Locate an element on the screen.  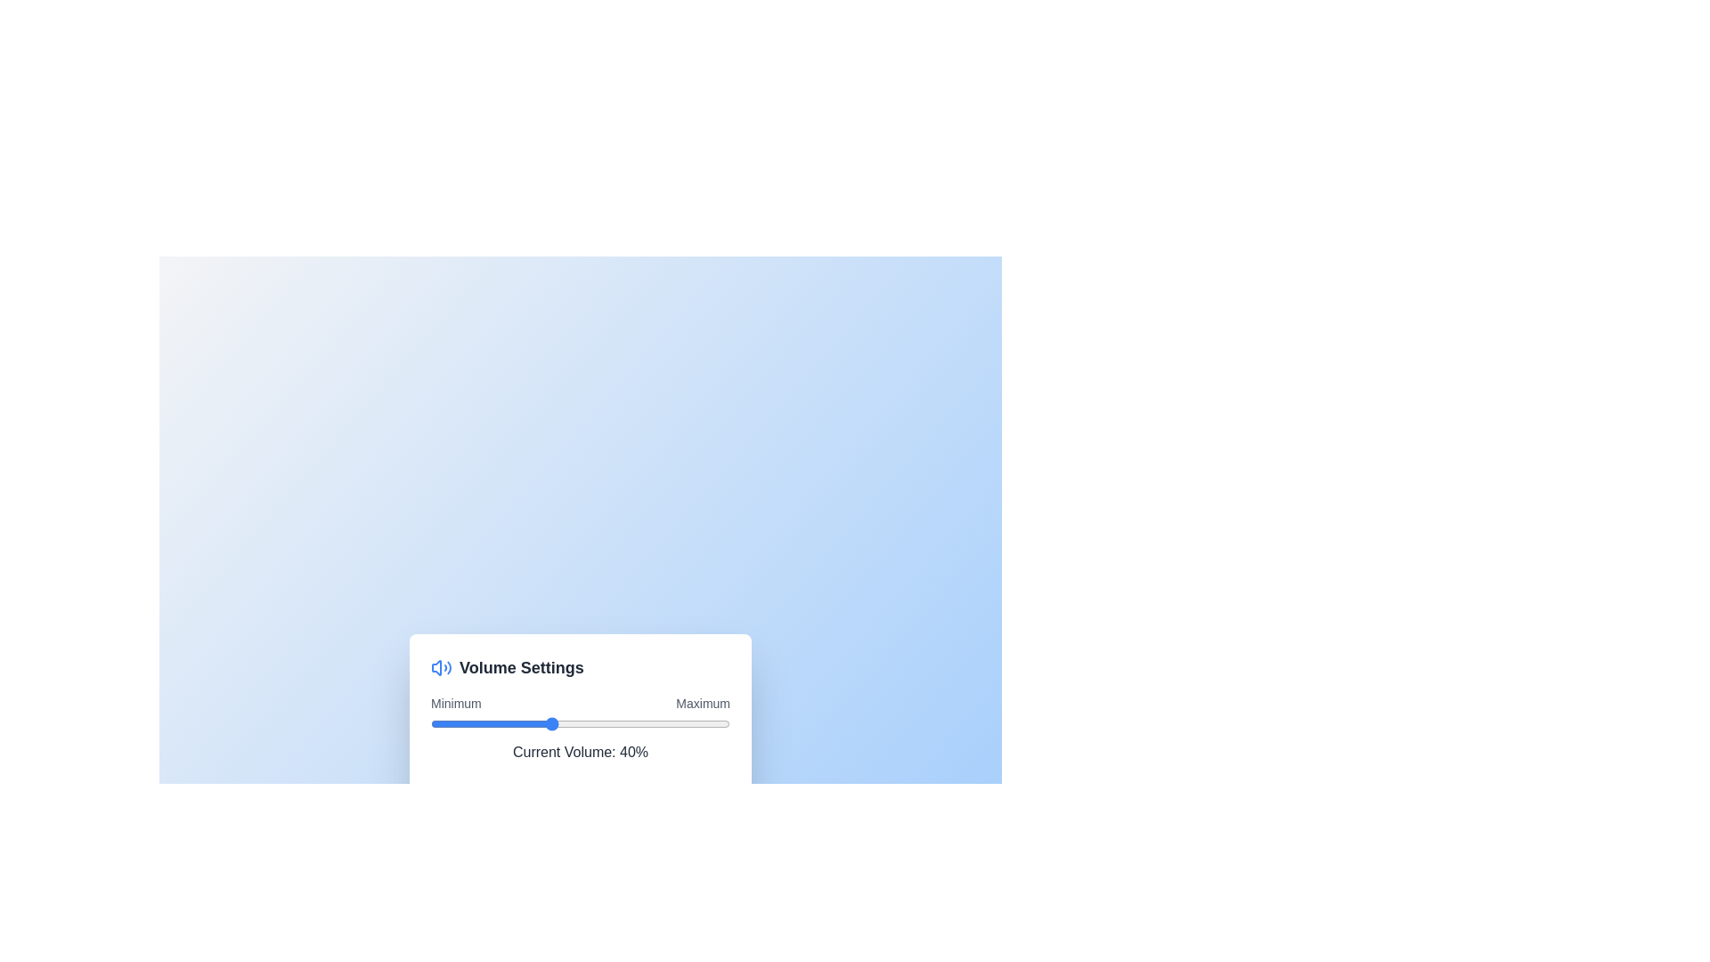
the volume slider to 46% is located at coordinates (567, 723).